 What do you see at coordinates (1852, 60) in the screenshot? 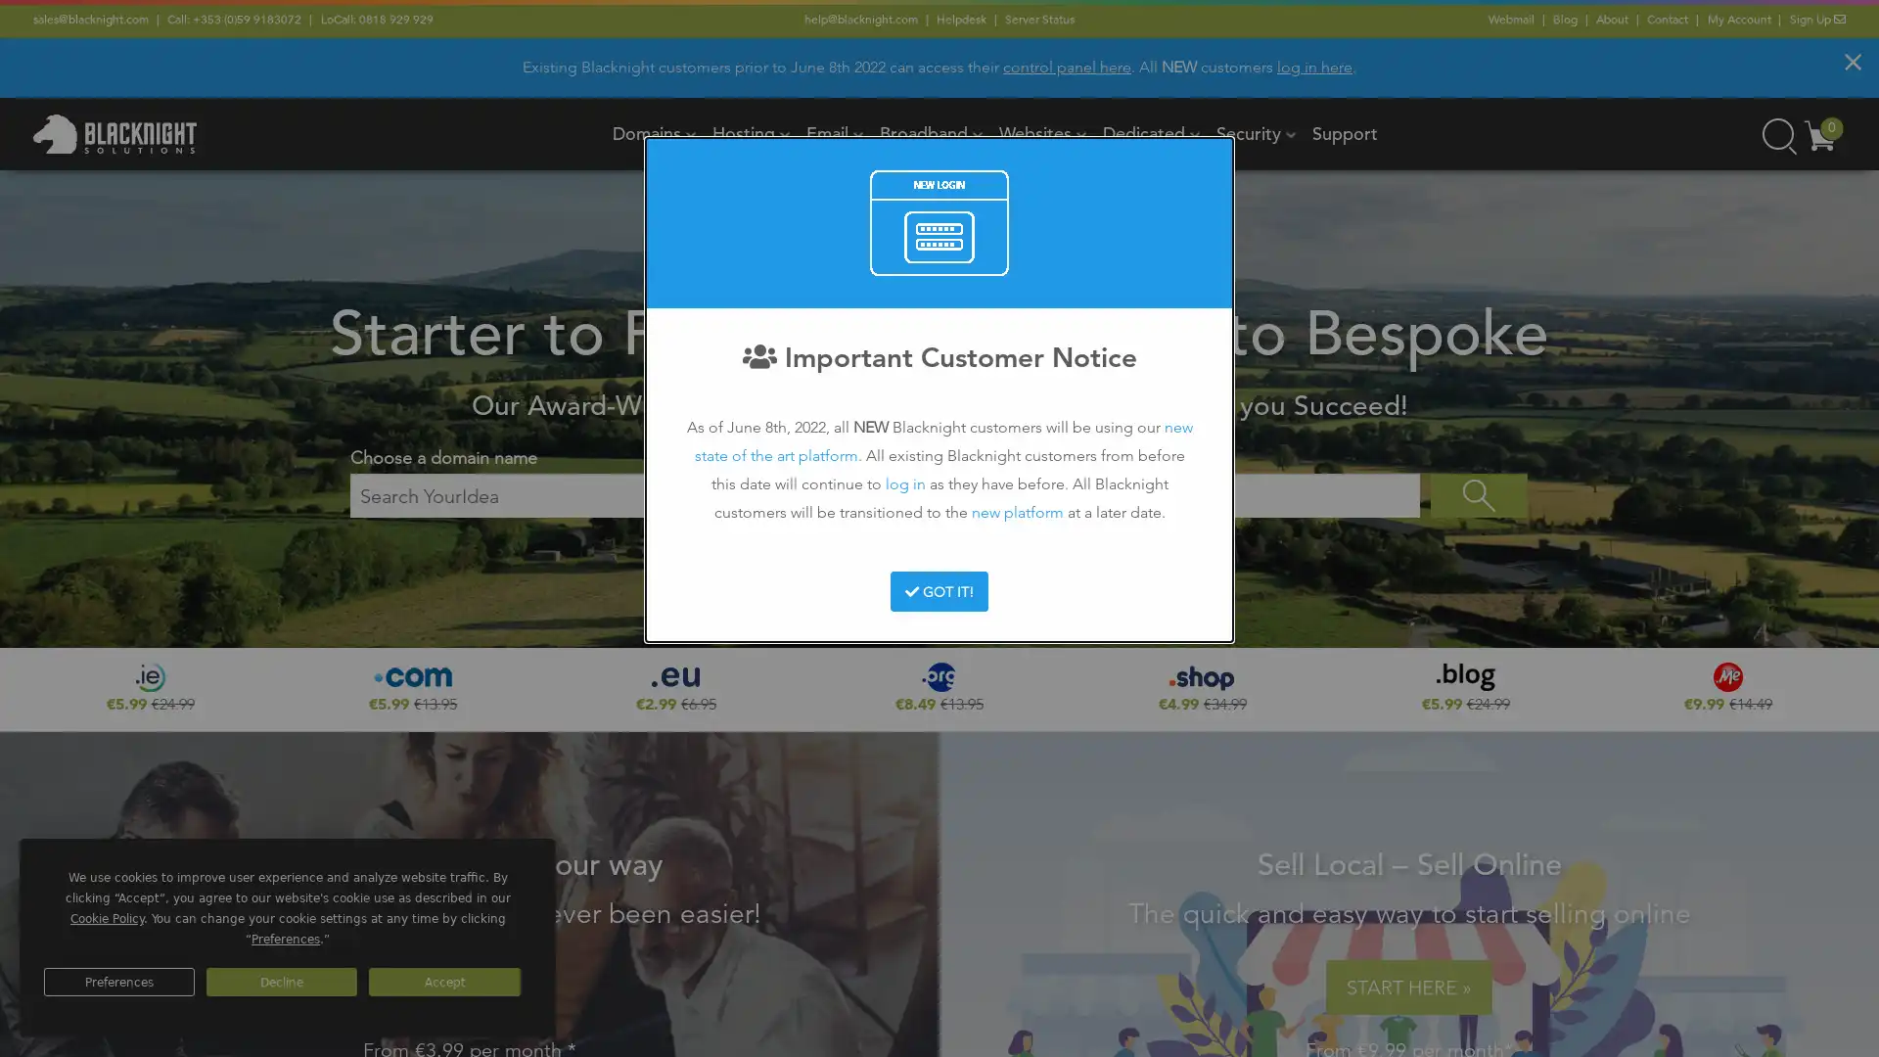
I see `Dismiss alert` at bounding box center [1852, 60].